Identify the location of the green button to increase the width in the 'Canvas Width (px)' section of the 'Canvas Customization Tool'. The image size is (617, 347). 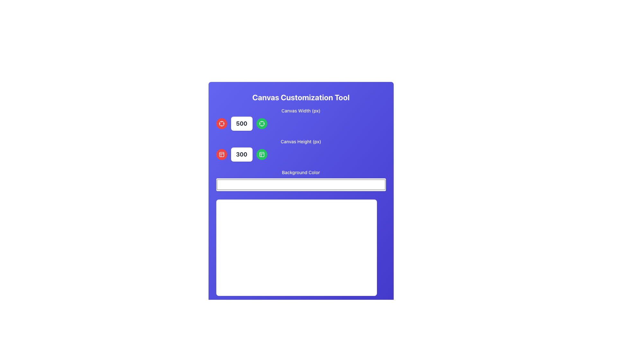
(300, 119).